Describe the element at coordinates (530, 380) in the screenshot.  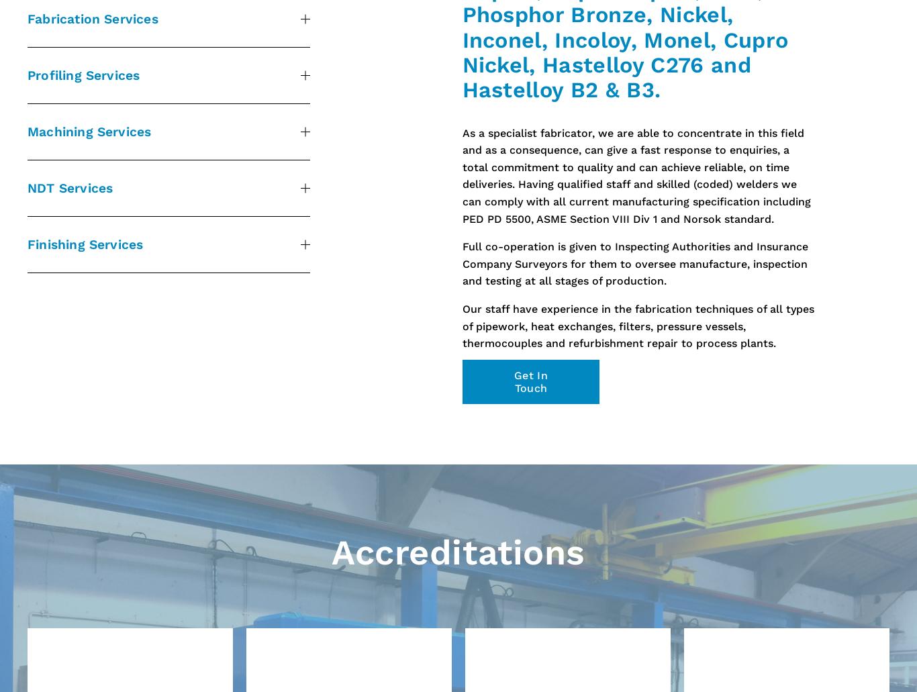
I see `'Get In Touch'` at that location.